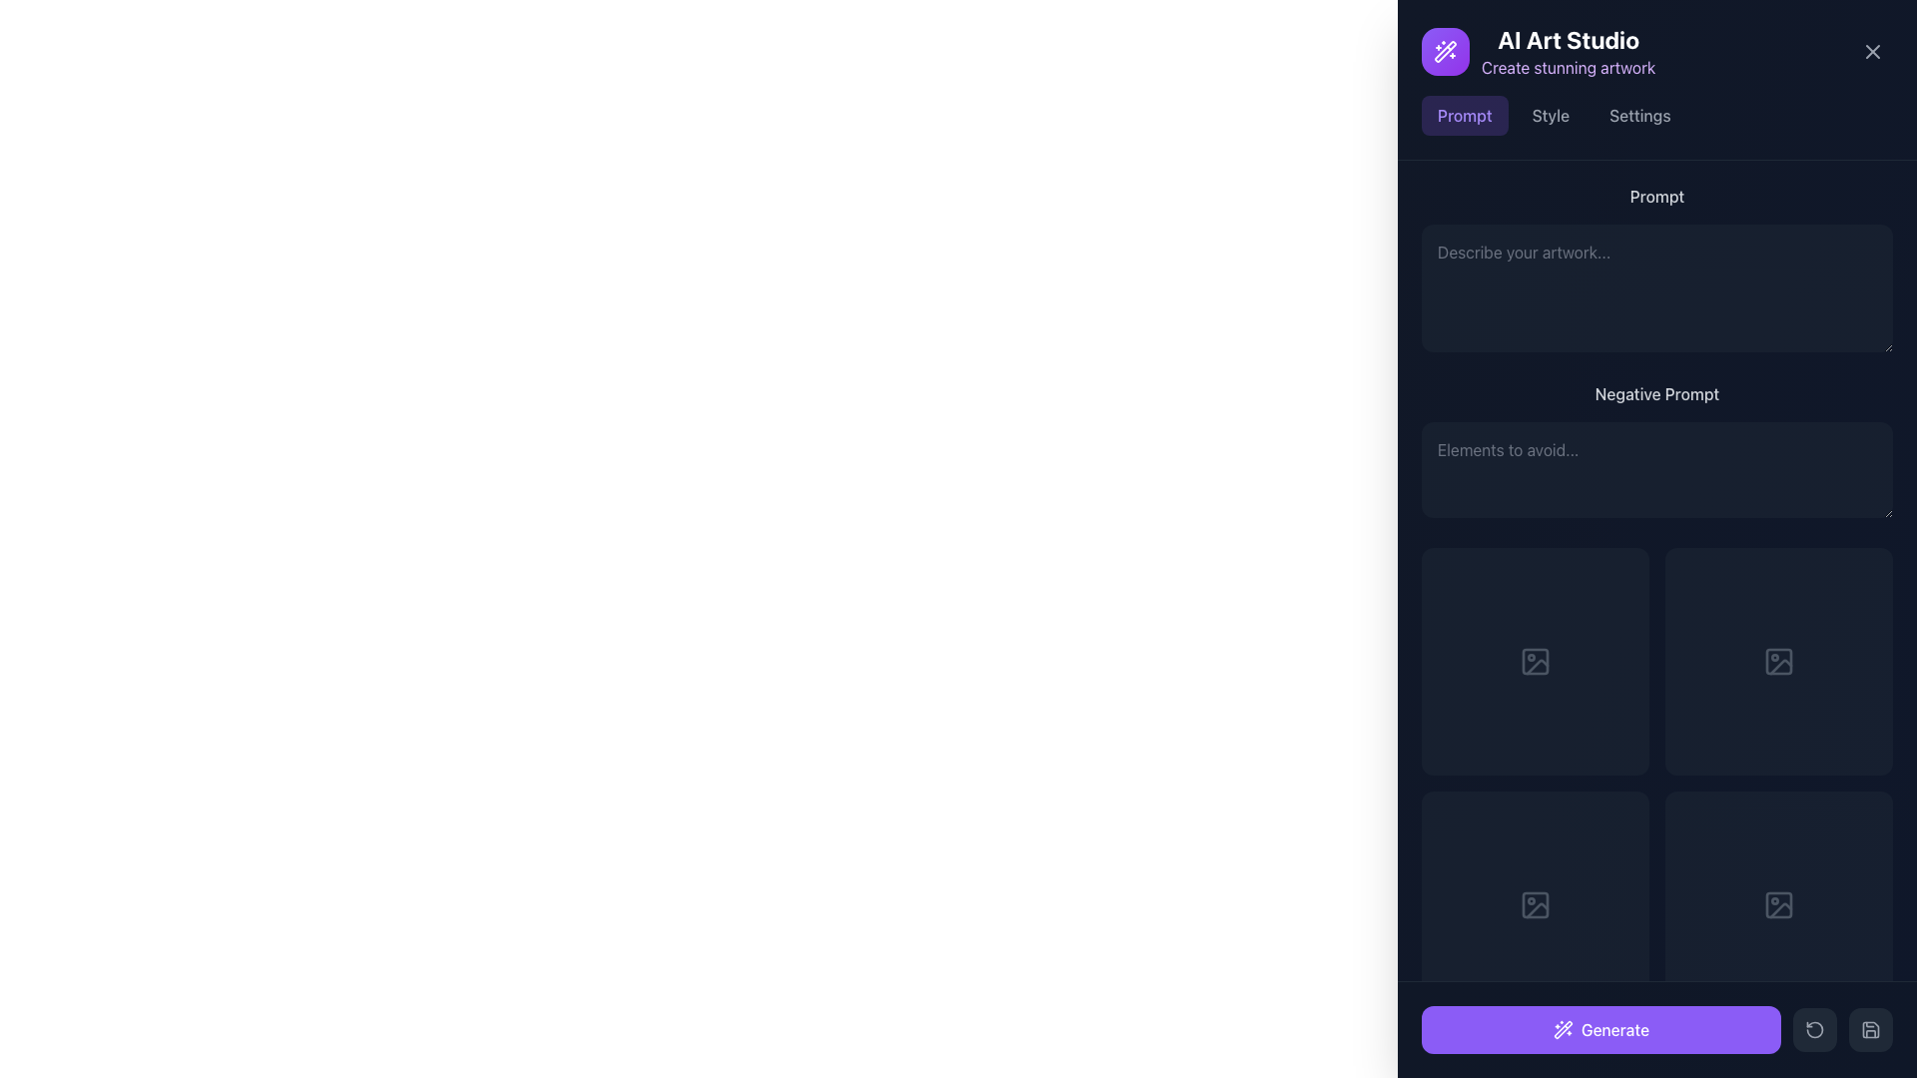  I want to click on the 'Settings' button located at the top of the sidebar interface, which is the third button in a group of three horizontally aligned buttons, so click(1638, 115).